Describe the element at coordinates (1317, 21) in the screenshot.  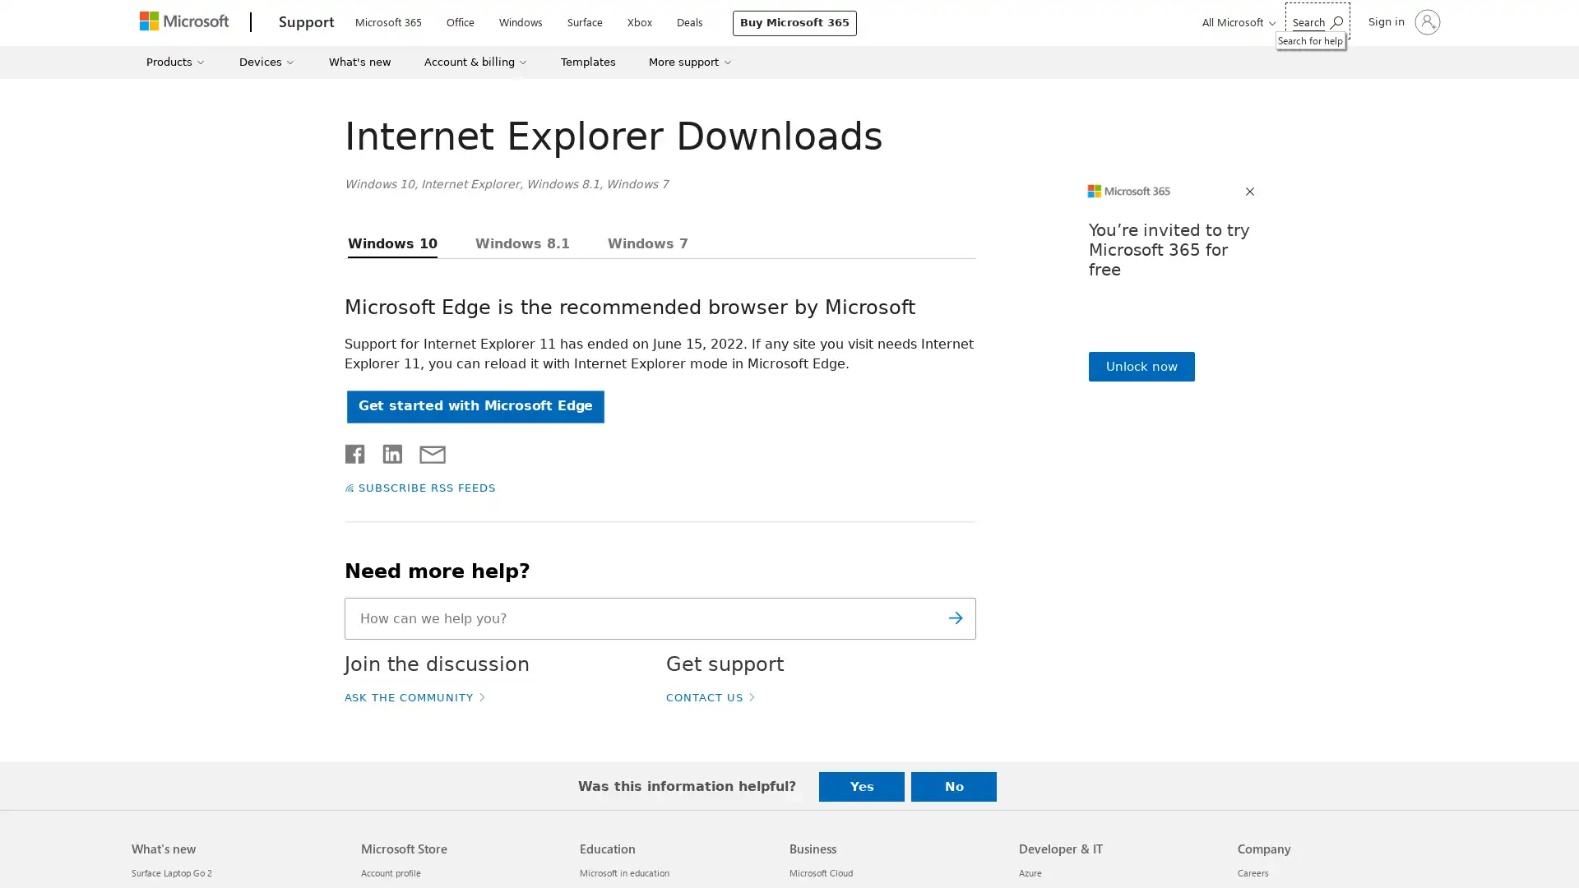
I see `Search for help` at that location.